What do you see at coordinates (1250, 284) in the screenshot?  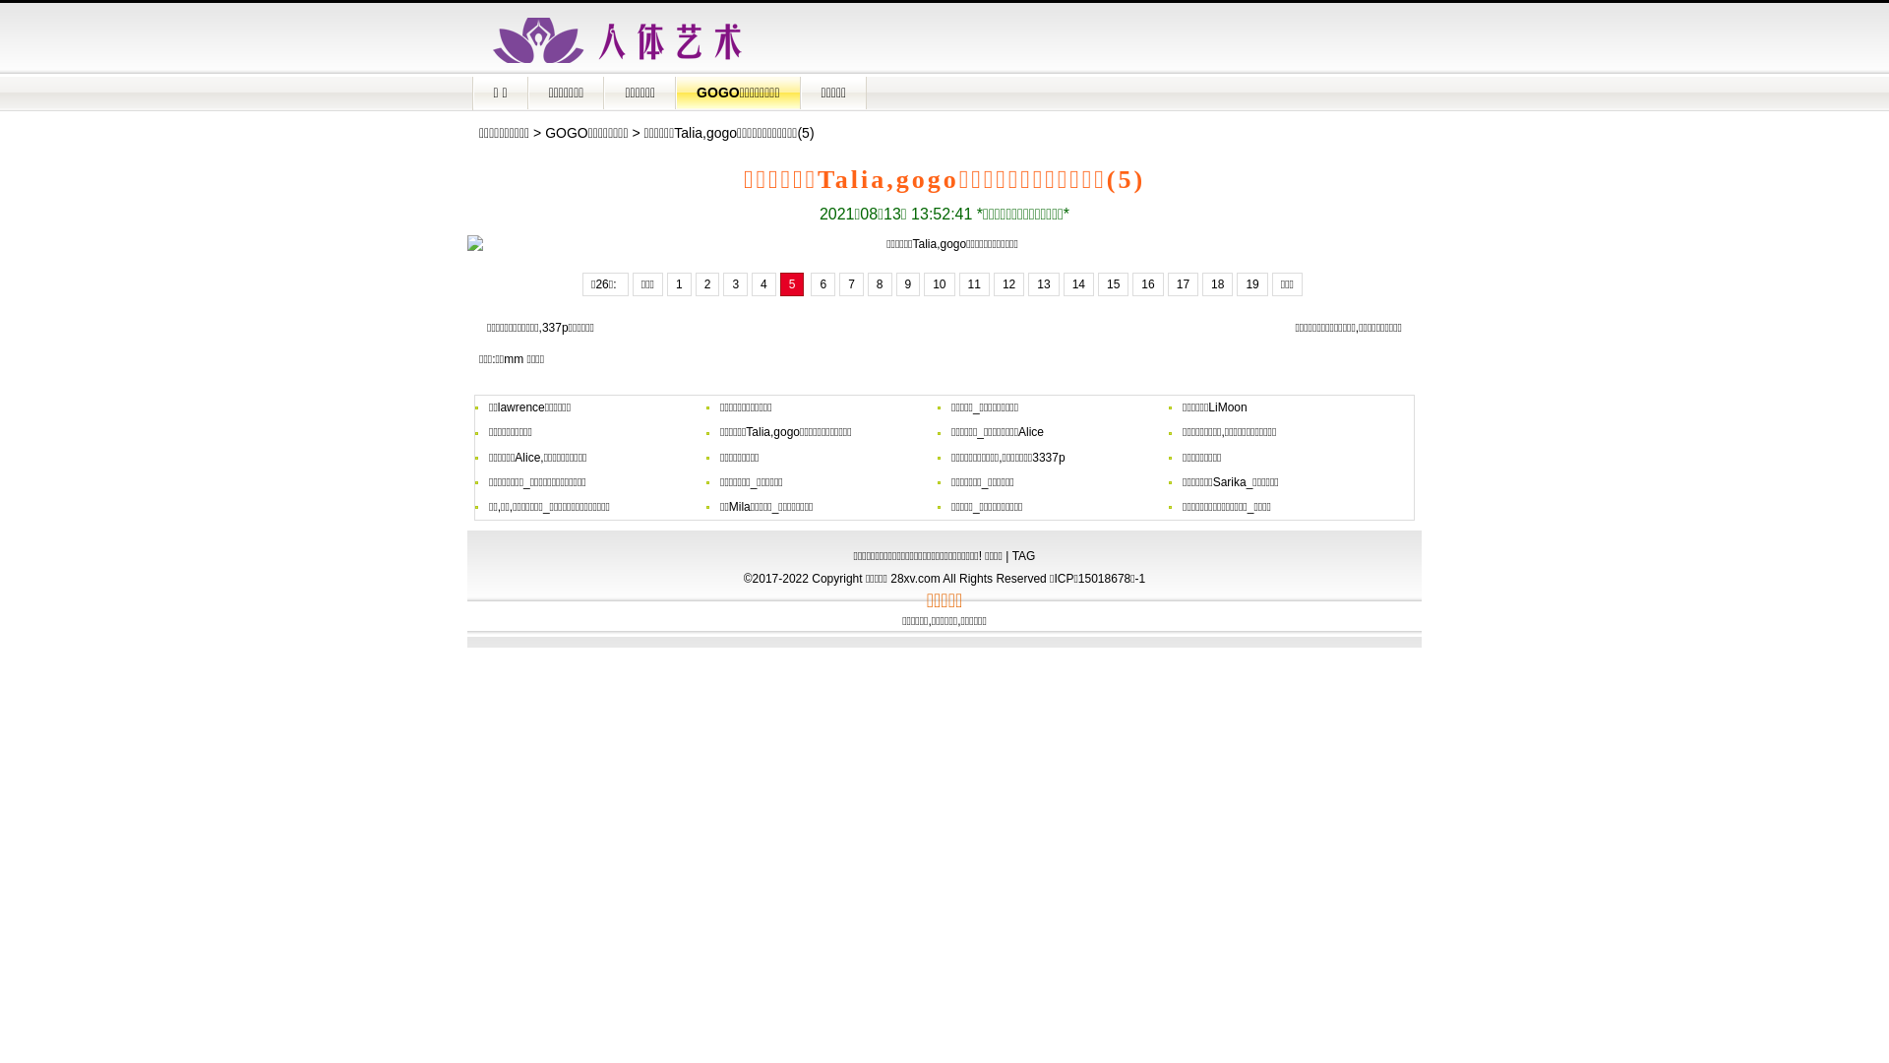 I see `'19'` at bounding box center [1250, 284].